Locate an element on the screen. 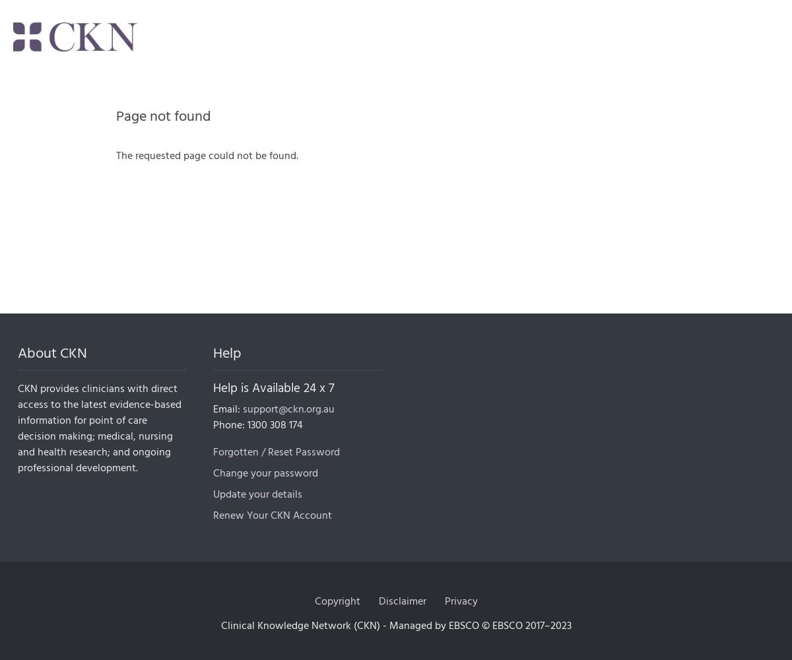 This screenshot has width=792, height=660. 'CKN provides clinicians with direct access to the latest evidence-based information for point of care decision making; medical, nursing and health research; and ongoing professional development.' is located at coordinates (99, 428).